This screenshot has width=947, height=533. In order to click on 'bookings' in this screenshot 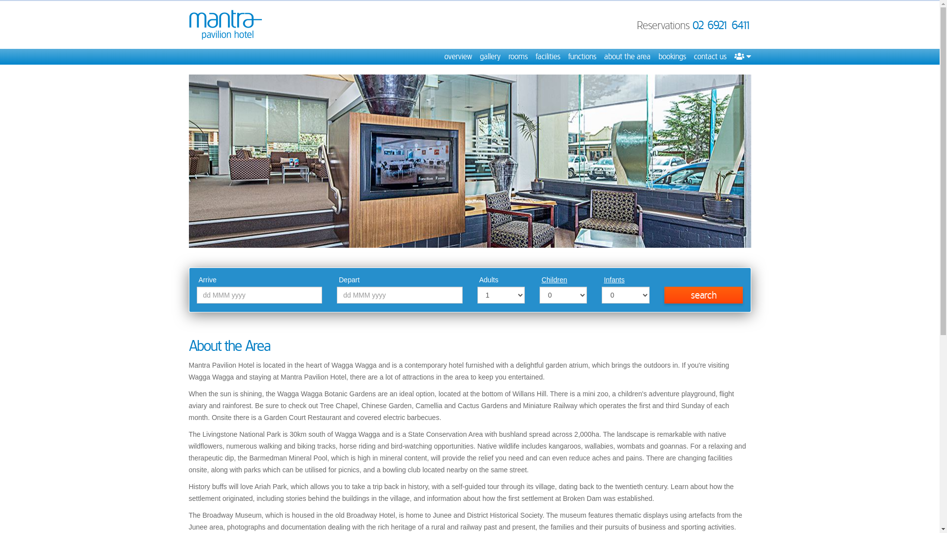, I will do `click(658, 57)`.